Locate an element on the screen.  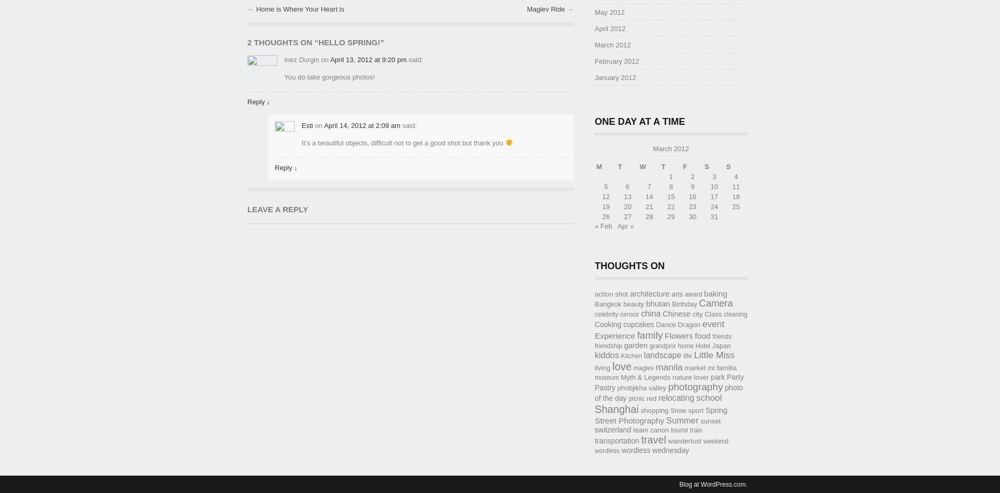
'Blog at WordPress.com.' is located at coordinates (713, 484).